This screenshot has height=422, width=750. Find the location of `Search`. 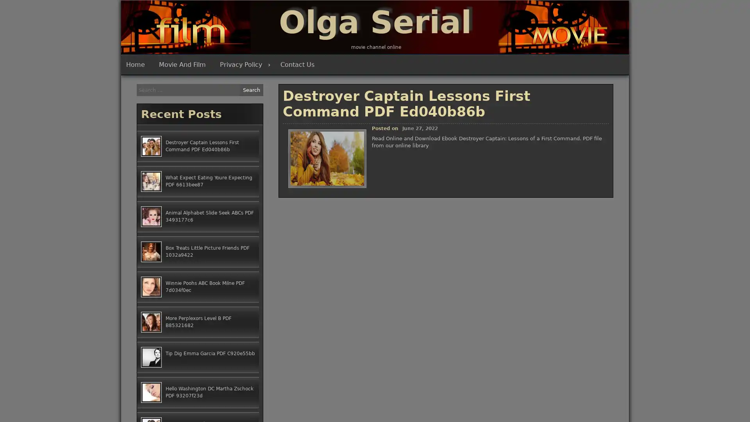

Search is located at coordinates (251, 89).